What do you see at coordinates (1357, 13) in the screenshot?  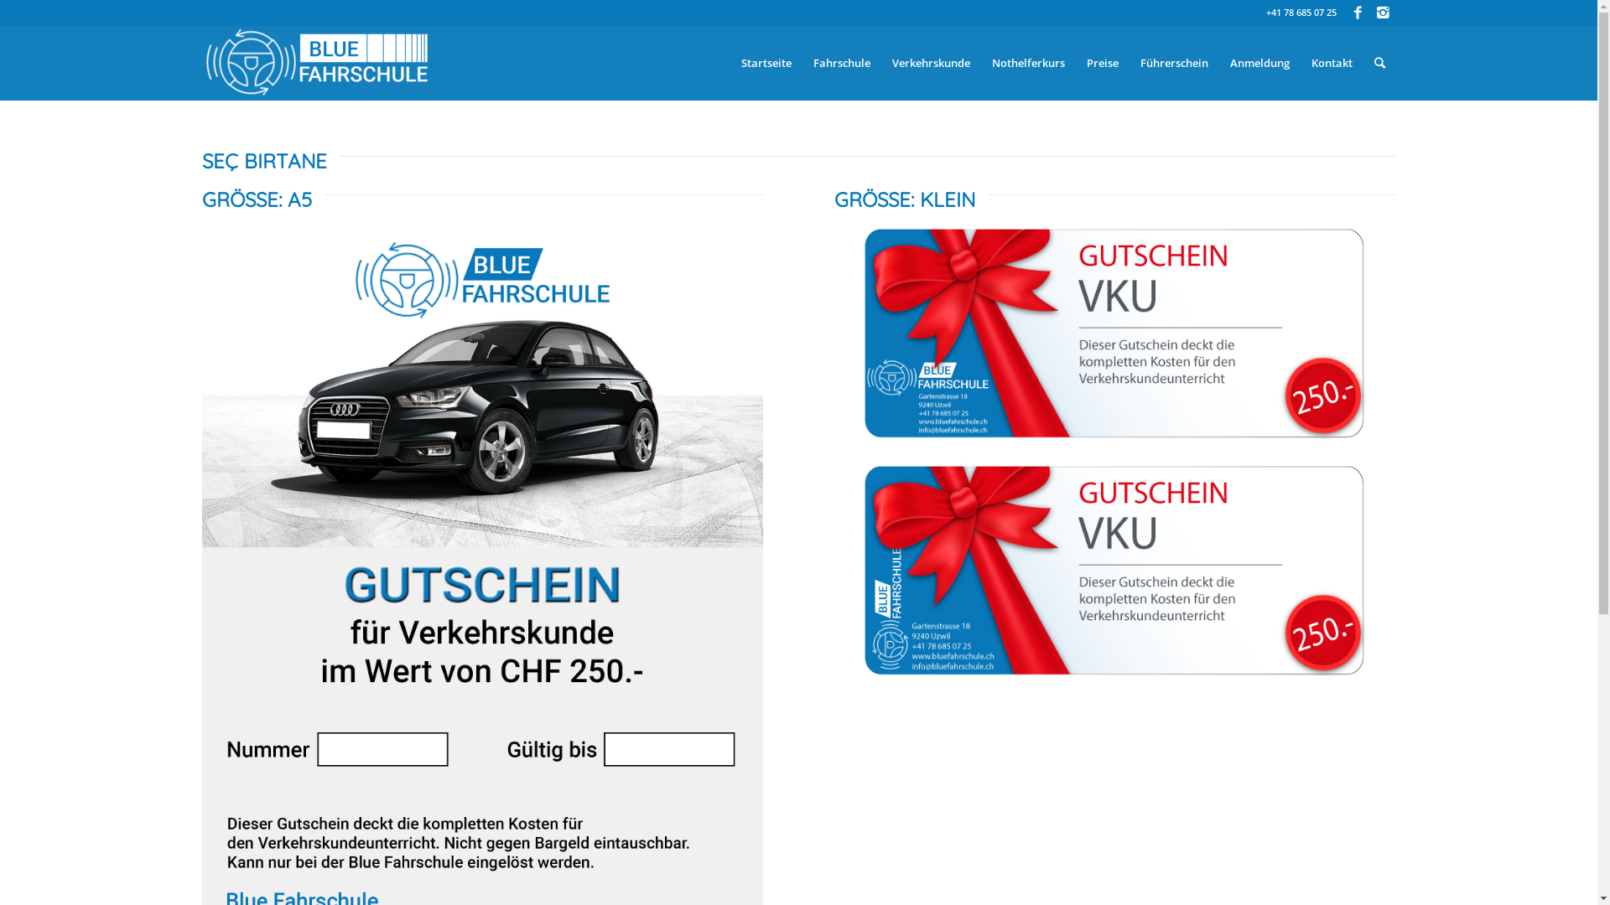 I see `'Facebook'` at bounding box center [1357, 13].